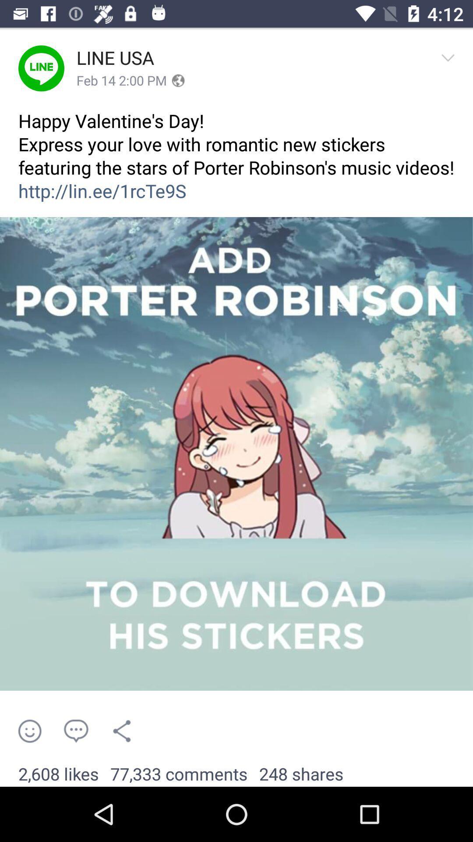 This screenshot has width=473, height=842. What do you see at coordinates (58, 774) in the screenshot?
I see `2,608 likes item` at bounding box center [58, 774].